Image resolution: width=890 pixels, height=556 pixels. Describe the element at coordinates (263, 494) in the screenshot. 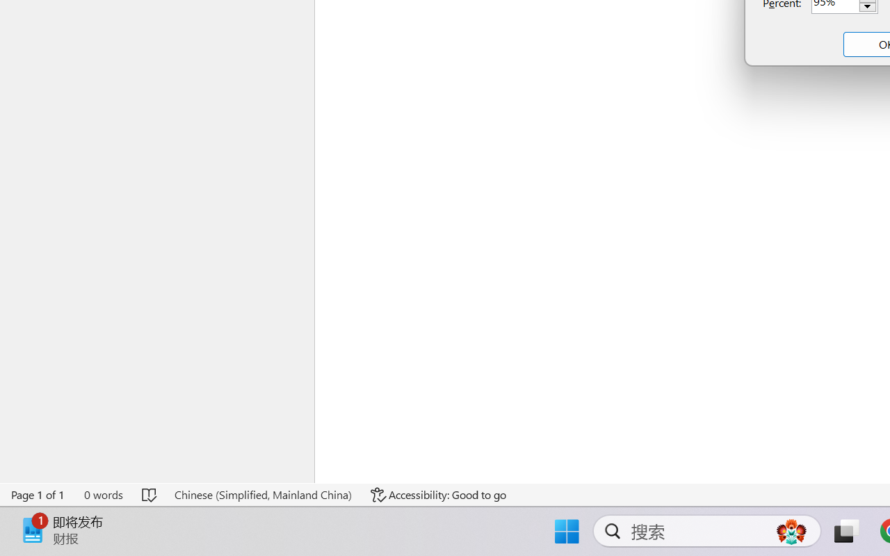

I see `'Language Chinese (Simplified, Mainland China)'` at that location.